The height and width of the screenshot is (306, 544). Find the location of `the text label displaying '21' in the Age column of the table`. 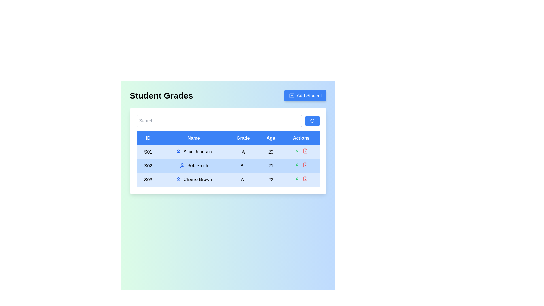

the text label displaying '21' in the Age column of the table is located at coordinates (270, 166).